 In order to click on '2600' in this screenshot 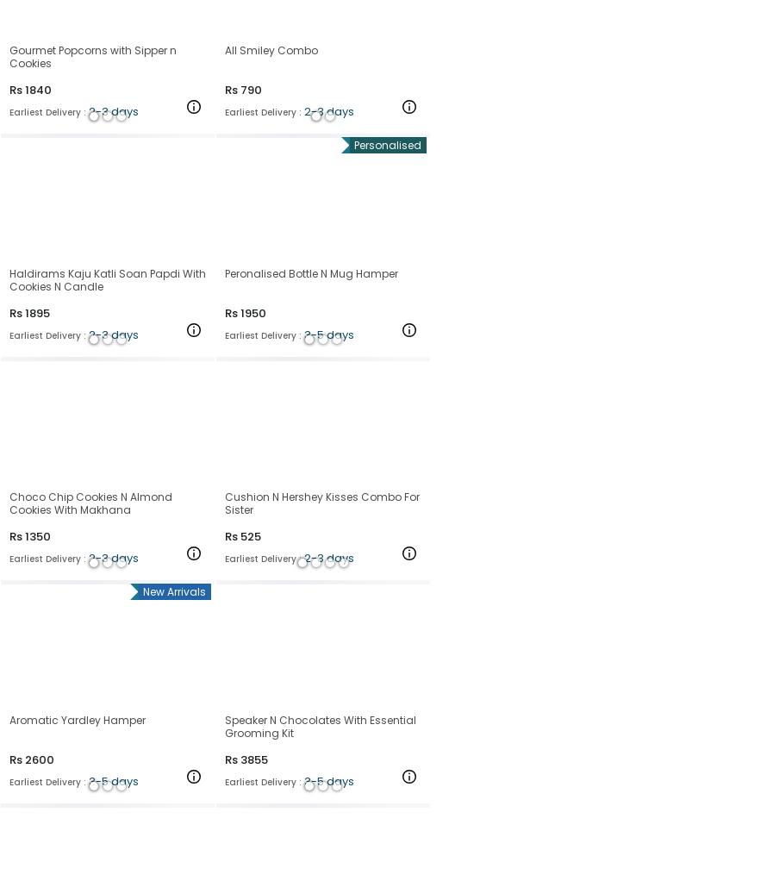, I will do `click(40, 758)`.